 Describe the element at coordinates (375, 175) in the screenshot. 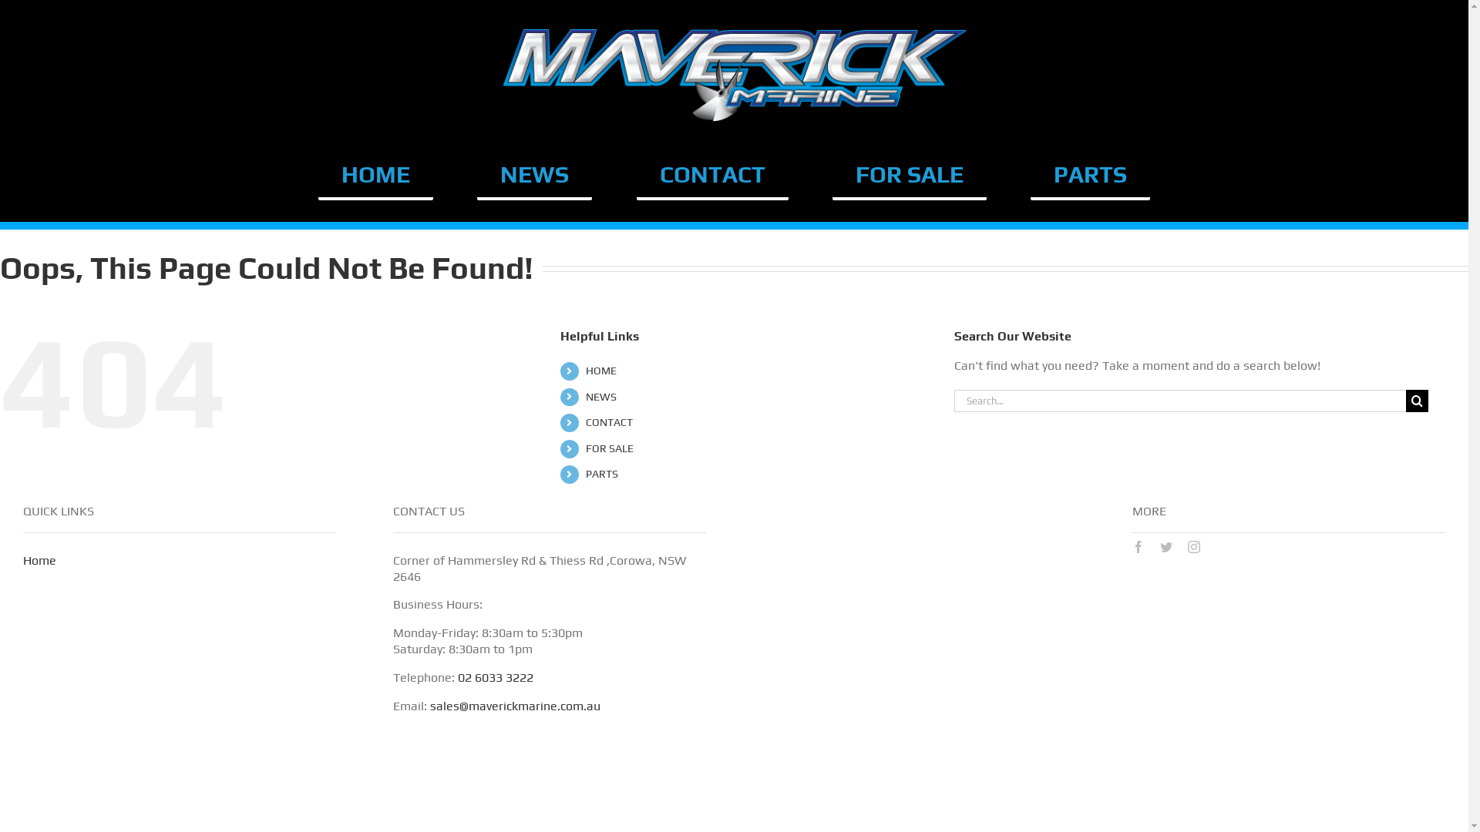

I see `'HOME'` at that location.